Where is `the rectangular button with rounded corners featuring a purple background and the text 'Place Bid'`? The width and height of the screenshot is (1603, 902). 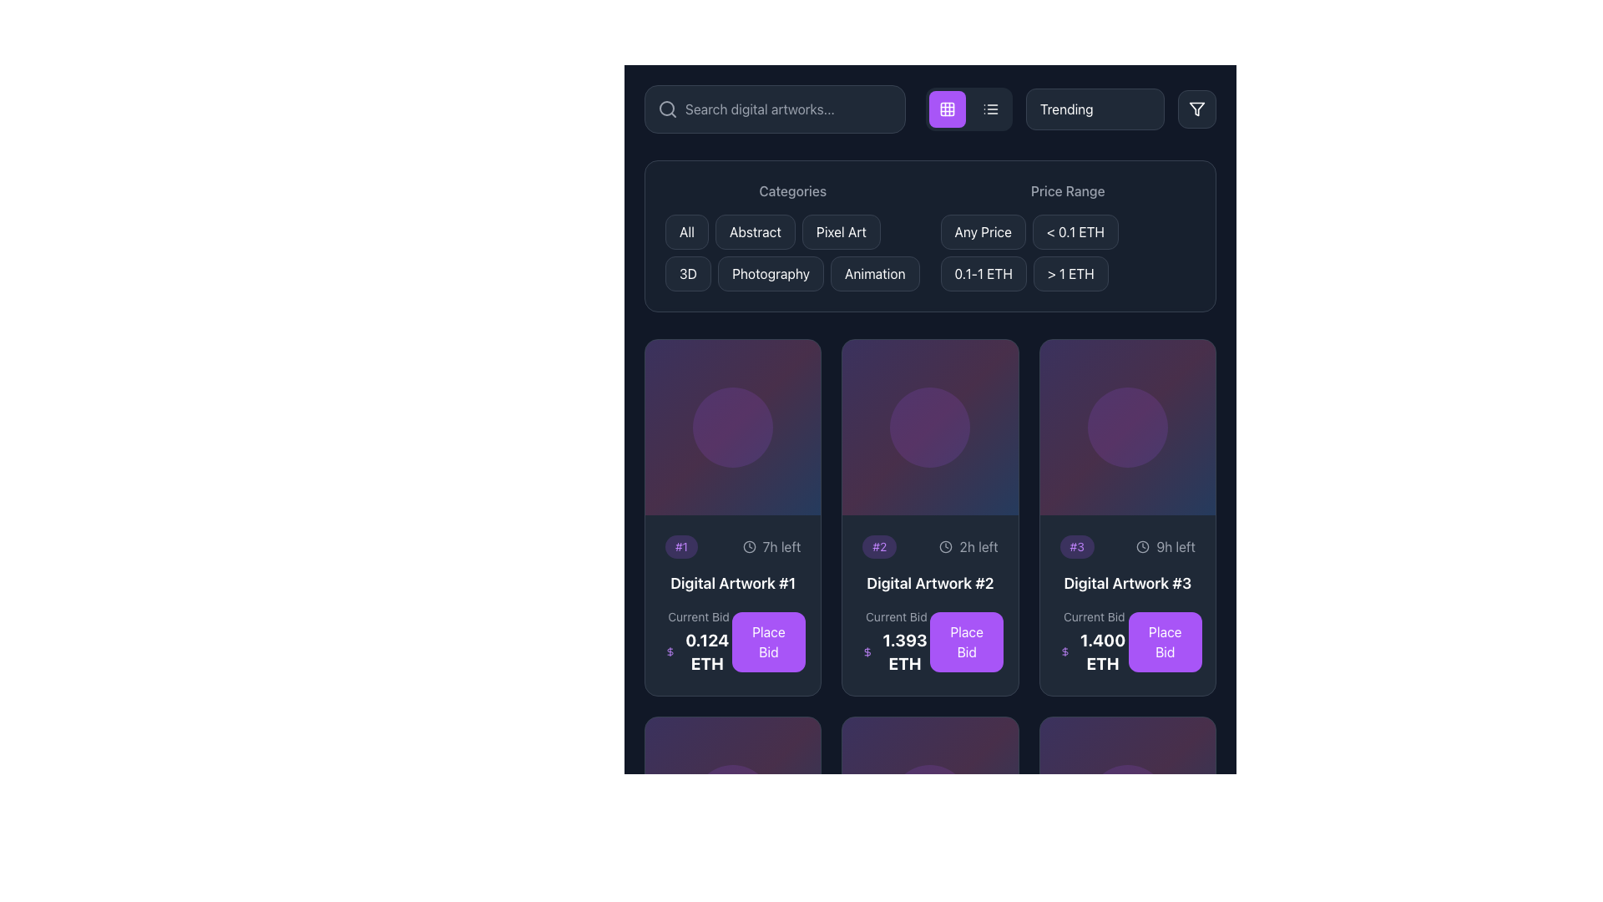
the rectangular button with rounded corners featuring a purple background and the text 'Place Bid' is located at coordinates (967, 641).